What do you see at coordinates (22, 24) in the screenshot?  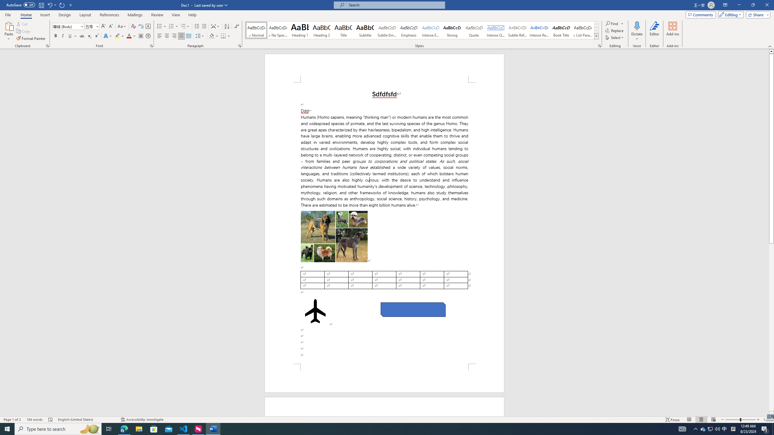 I see `'Cut'` at bounding box center [22, 24].